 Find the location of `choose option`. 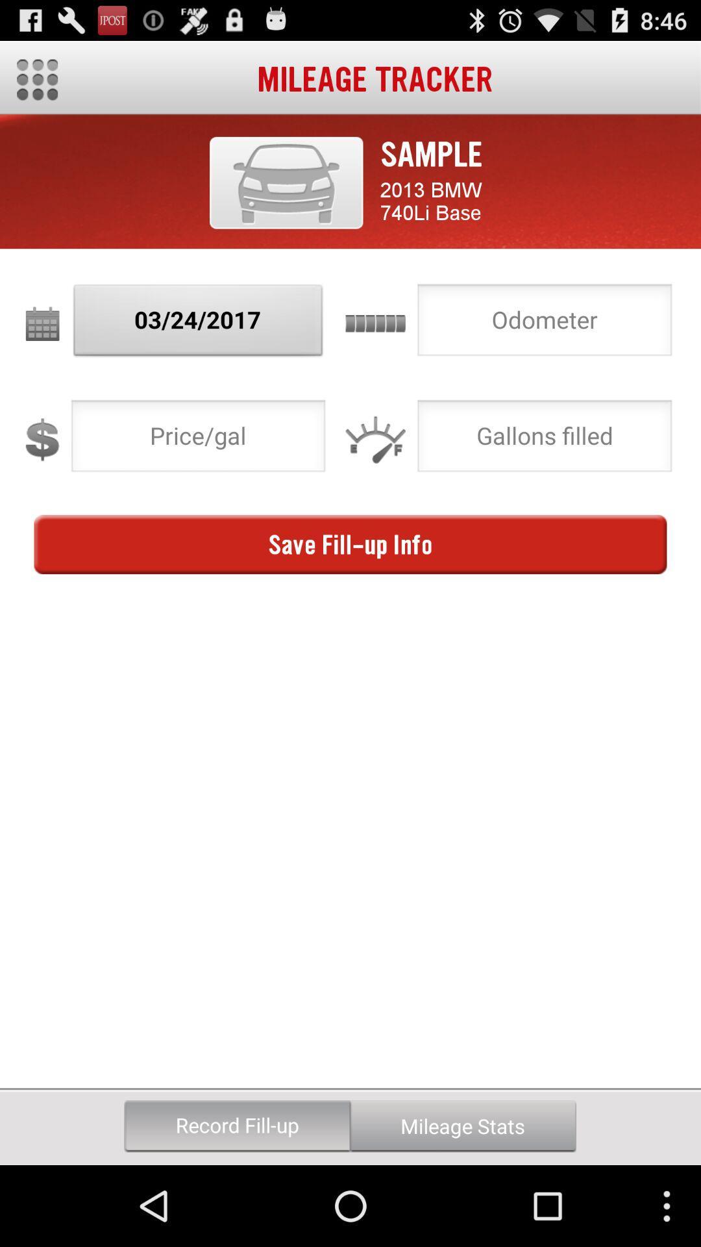

choose option is located at coordinates (545, 323).